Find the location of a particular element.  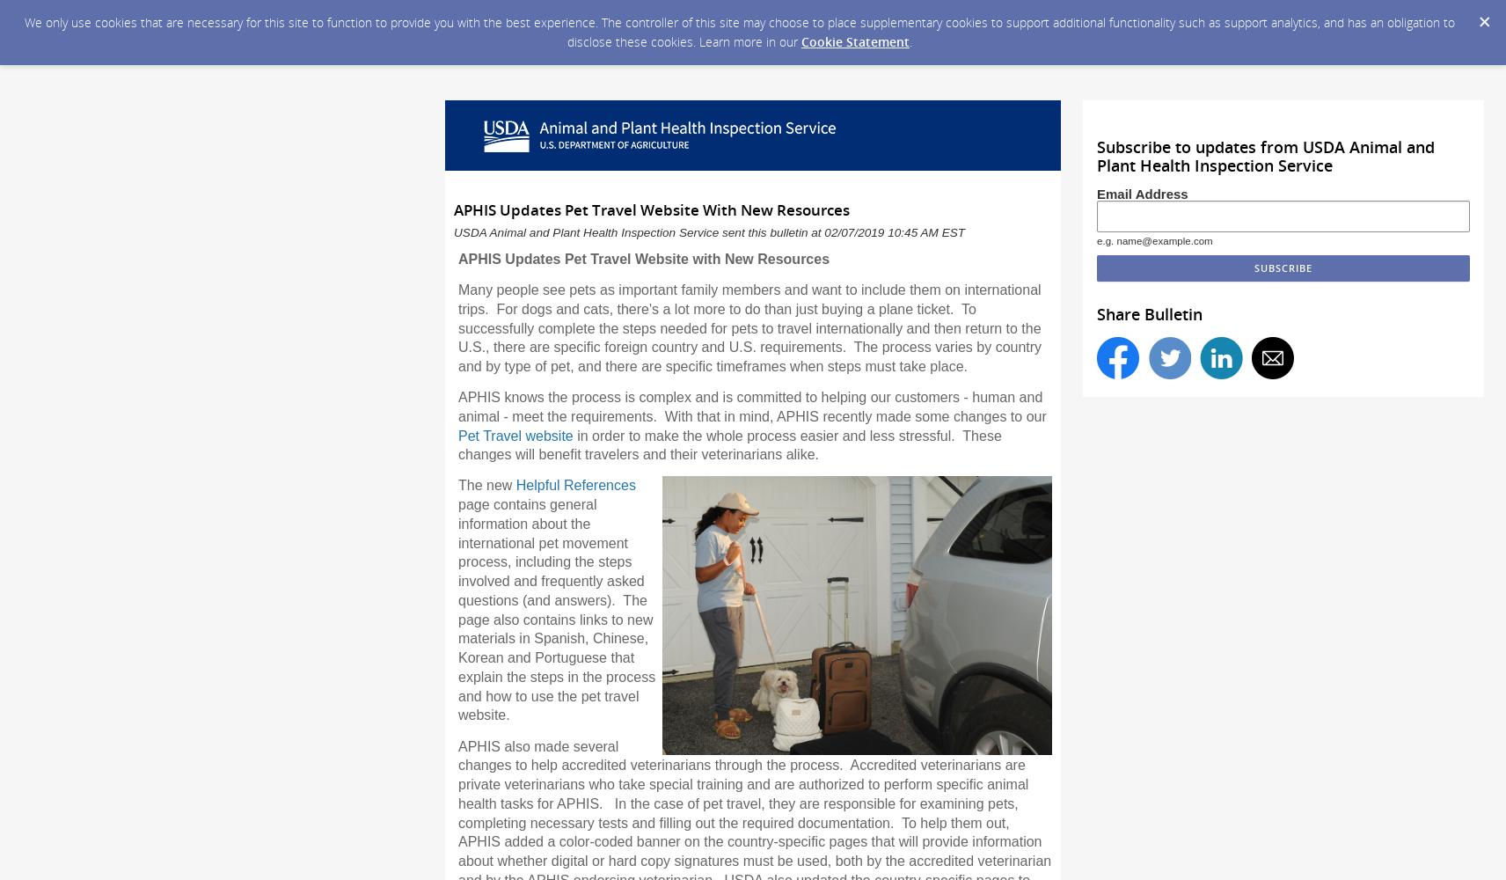

'We only use cookies that are necessary for this site to function to provide you with the best experience. The controller of this site may choose to place supplementary cookies to support additional functionality such as support analytics, and has an obligation to disclose these cookies. Learn more in our' is located at coordinates (739, 32).